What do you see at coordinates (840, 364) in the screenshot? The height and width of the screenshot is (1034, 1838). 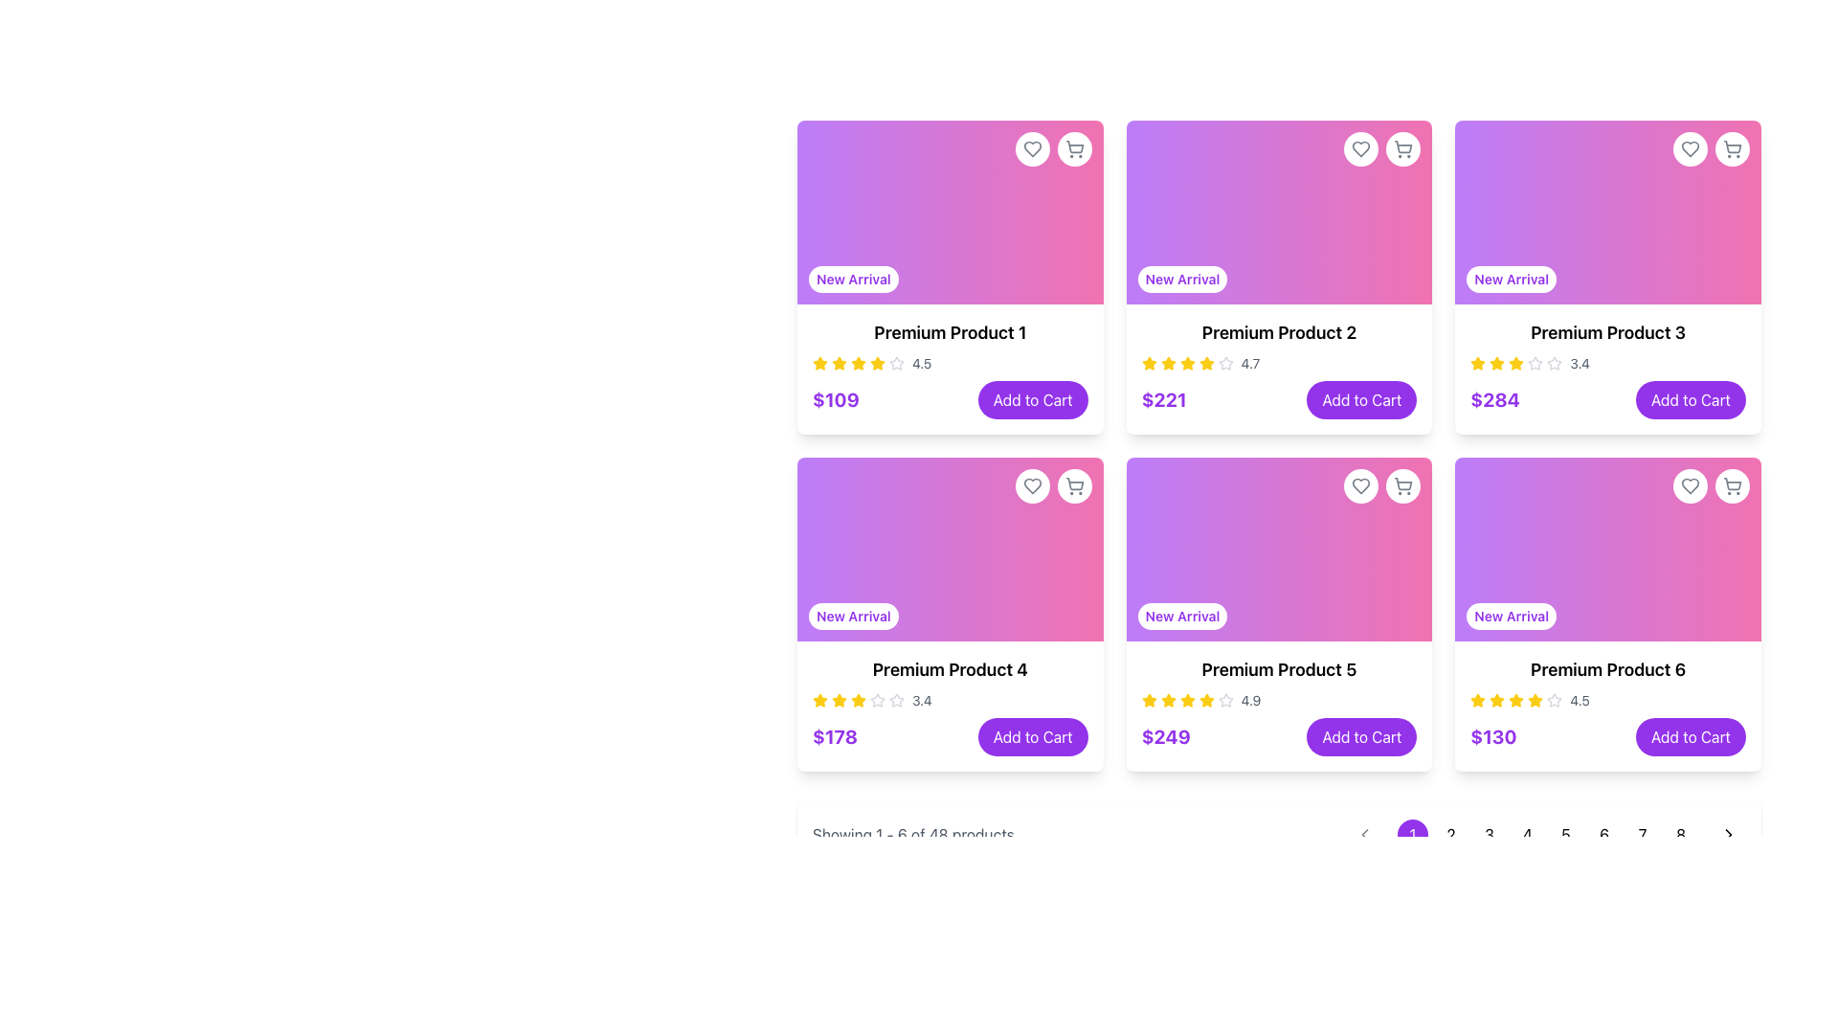 I see `the star icon representing the third star in the rating system for the 'Premium Product 1' card, which visually depicts a 4.5 rating` at bounding box center [840, 364].